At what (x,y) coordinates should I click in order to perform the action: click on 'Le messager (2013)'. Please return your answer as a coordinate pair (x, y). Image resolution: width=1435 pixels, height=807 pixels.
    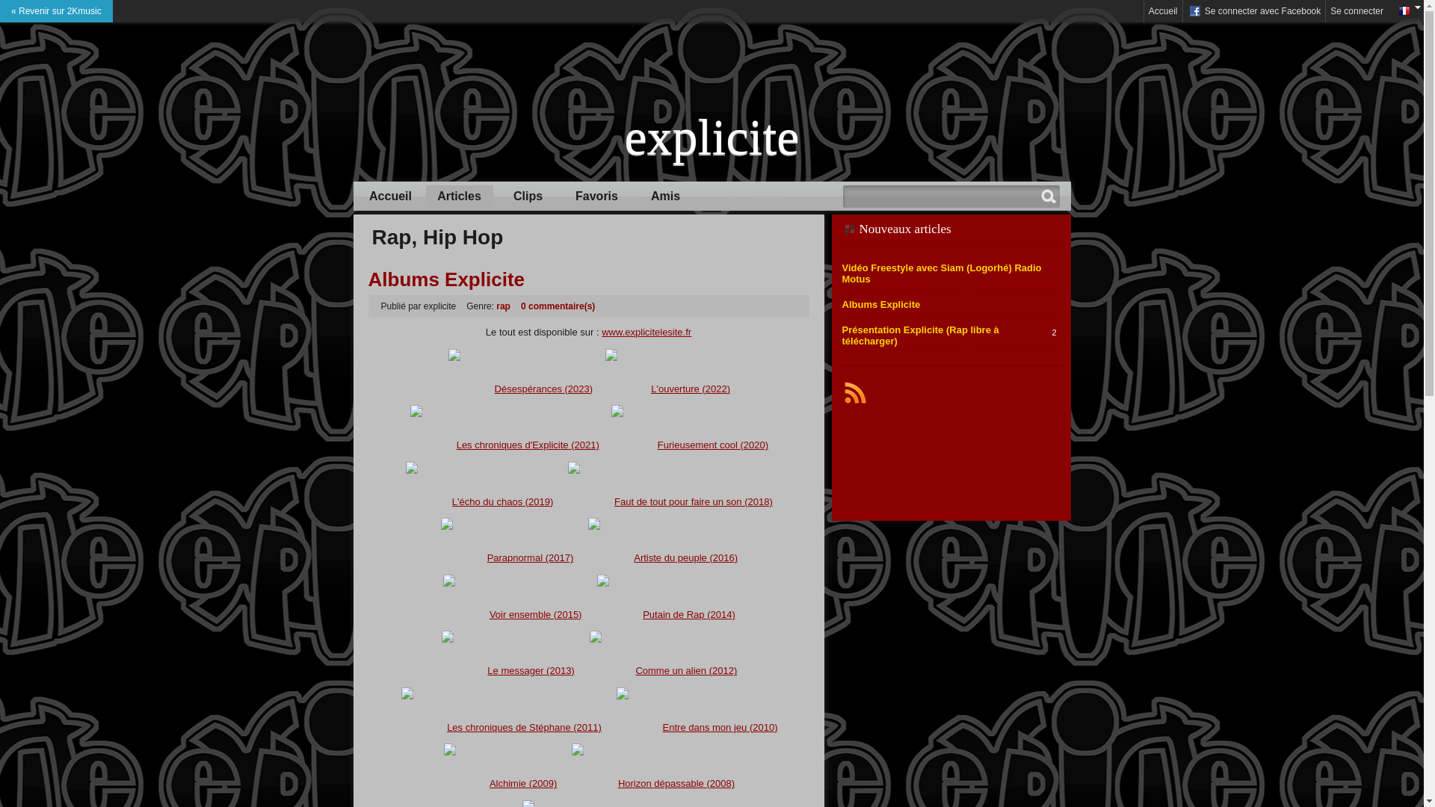
    Looking at the image, I should click on (531, 670).